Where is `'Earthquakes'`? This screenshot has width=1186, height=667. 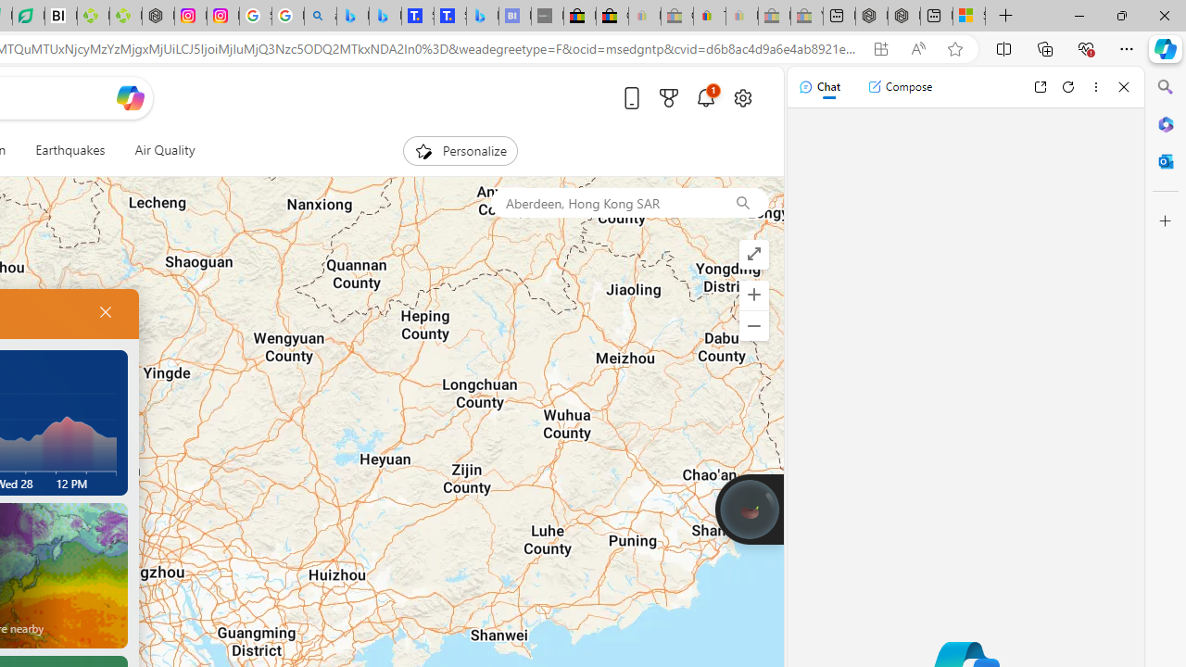 'Earthquakes' is located at coordinates (70, 150).